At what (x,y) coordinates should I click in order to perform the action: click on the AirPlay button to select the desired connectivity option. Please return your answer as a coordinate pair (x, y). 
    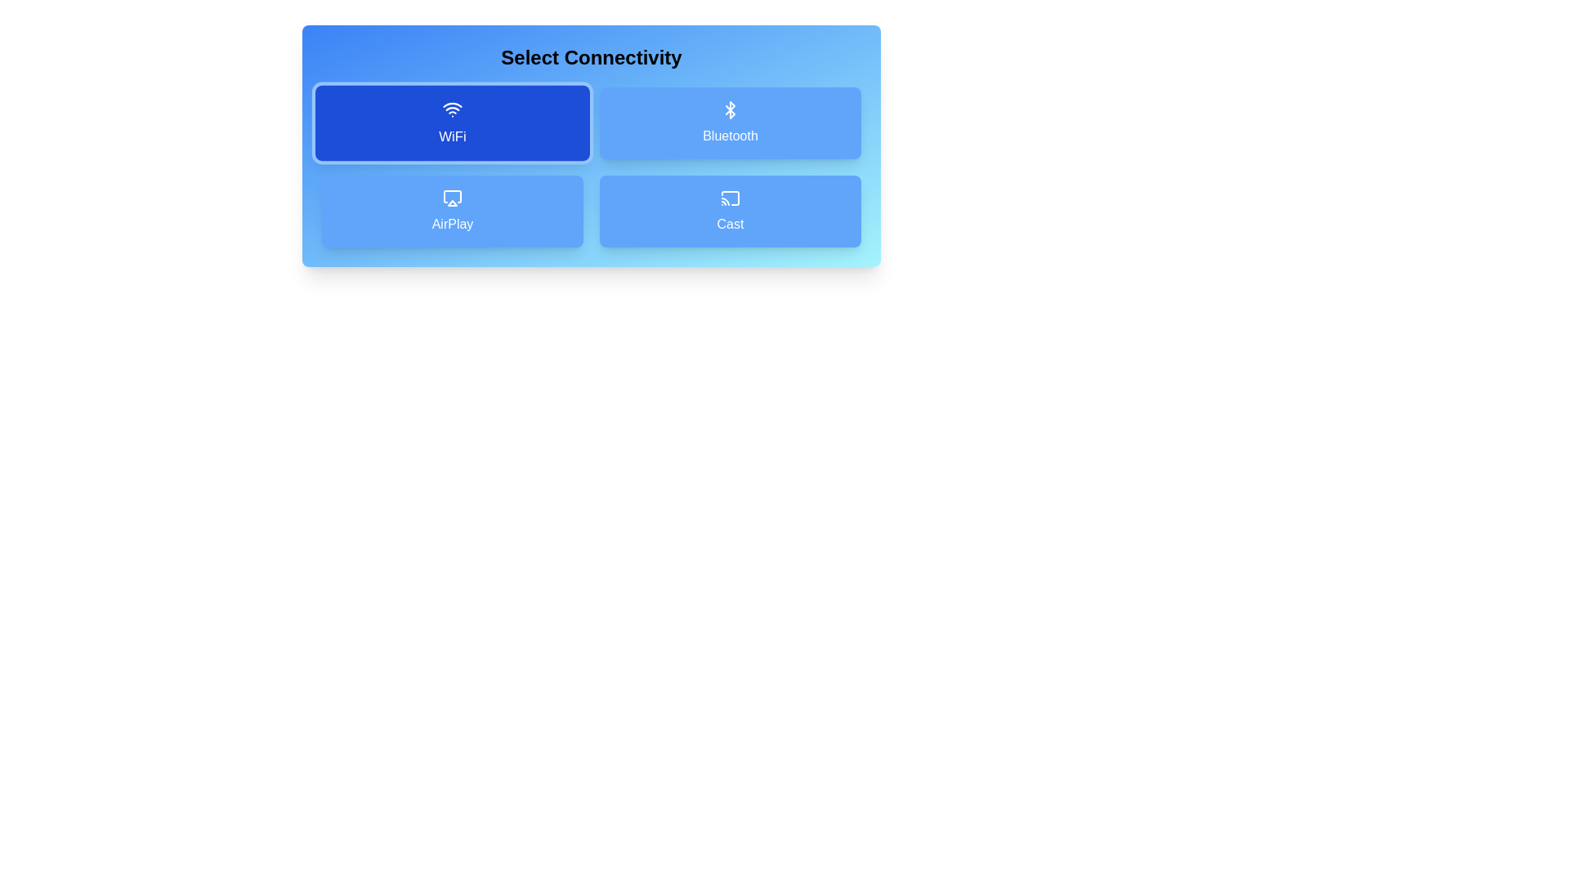
    Looking at the image, I should click on (452, 210).